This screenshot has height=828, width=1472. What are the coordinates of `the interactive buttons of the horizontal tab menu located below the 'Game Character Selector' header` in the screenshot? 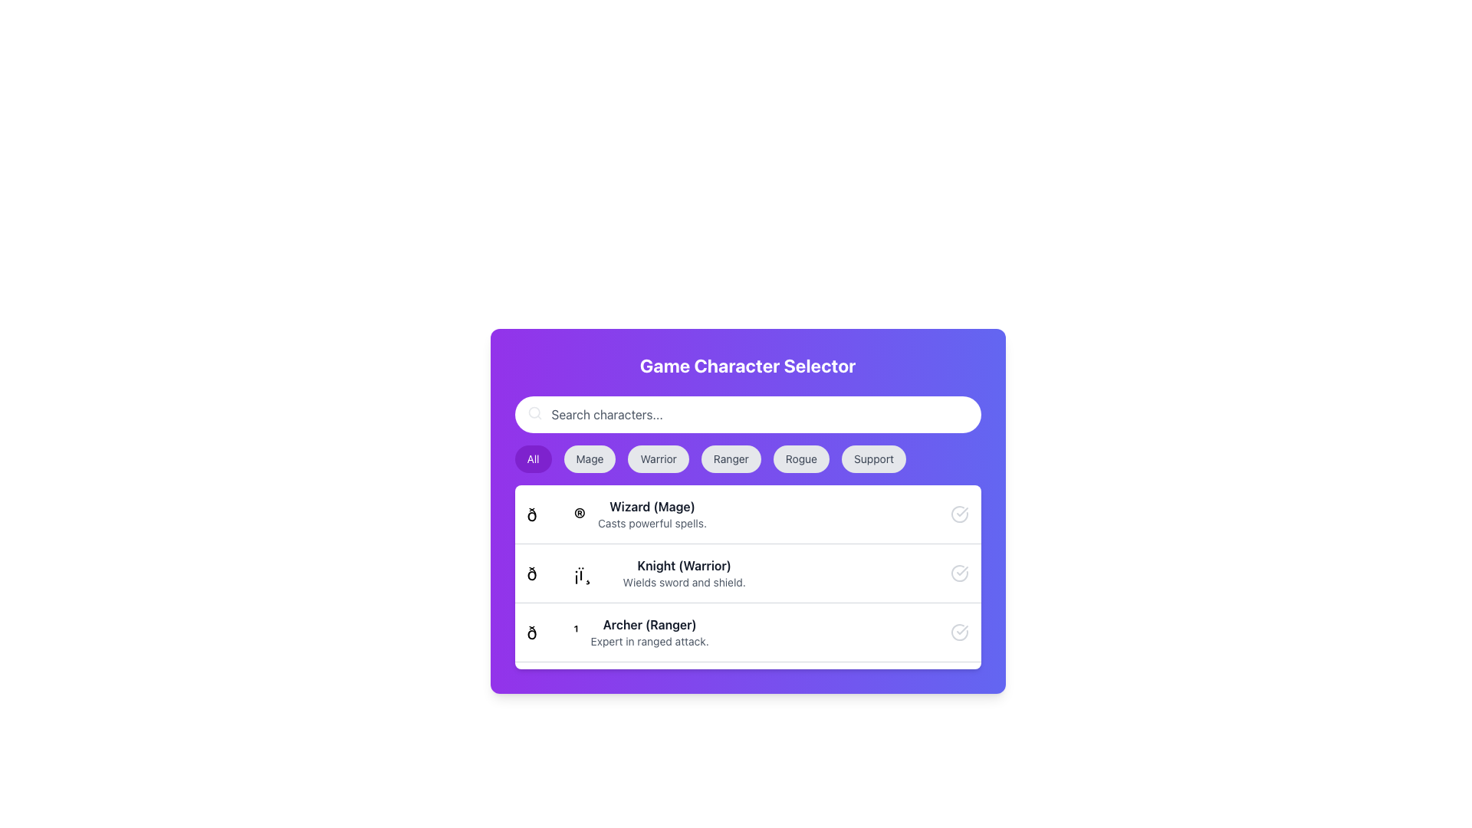 It's located at (747, 458).